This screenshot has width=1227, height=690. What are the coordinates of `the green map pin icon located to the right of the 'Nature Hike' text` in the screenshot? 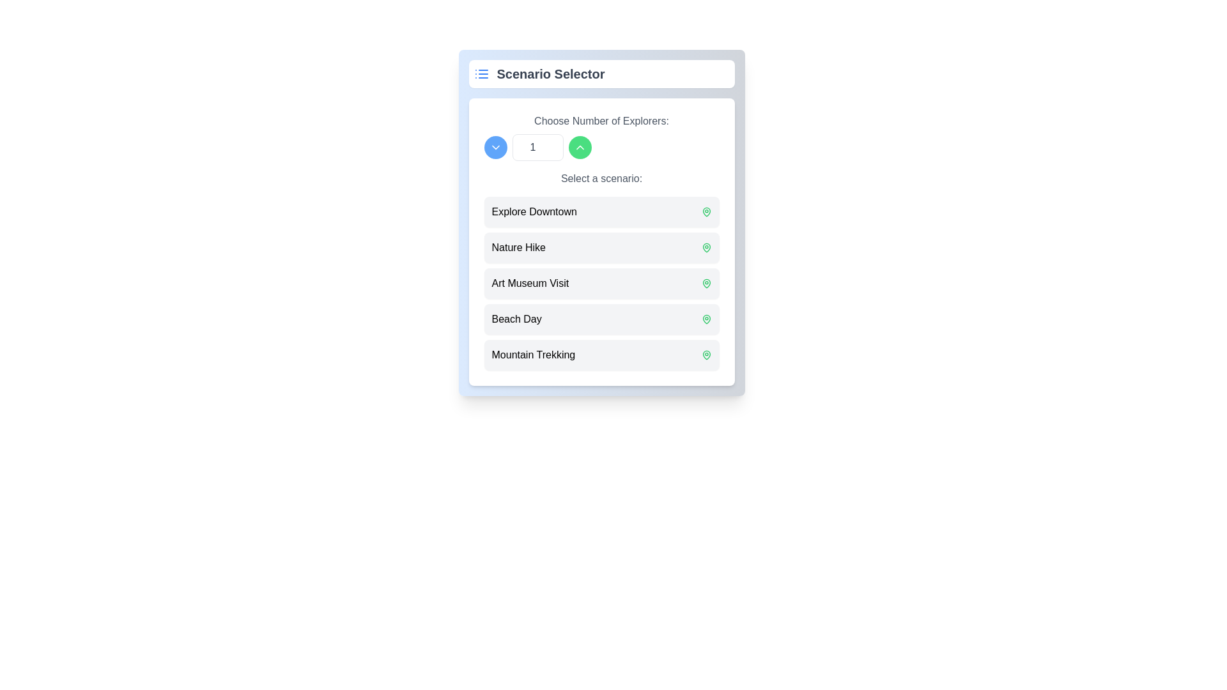 It's located at (706, 248).